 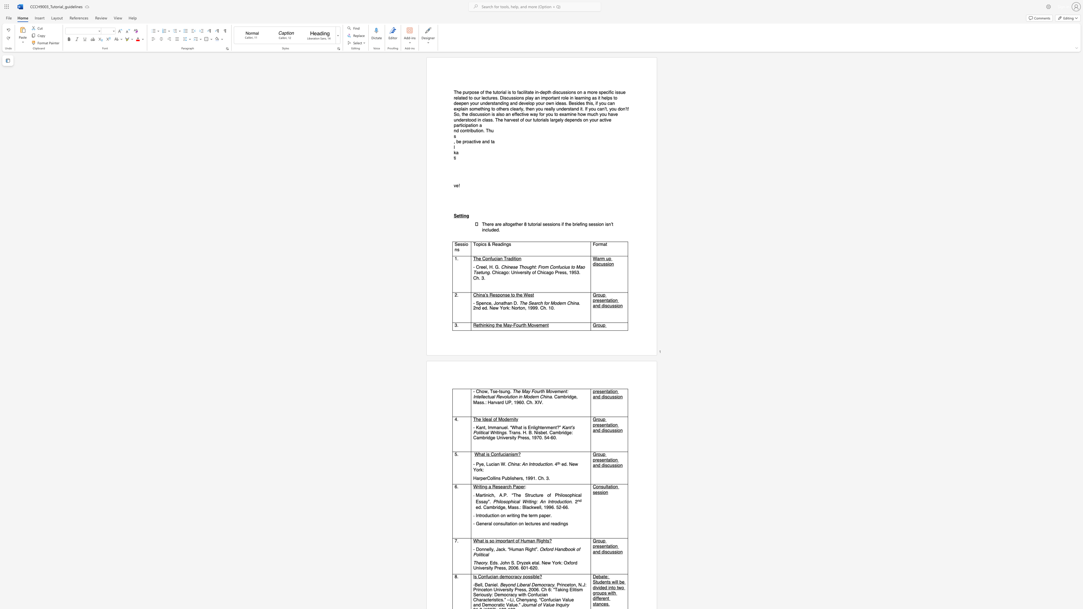 I want to click on the 2th character "o" in the text, so click(x=479, y=131).